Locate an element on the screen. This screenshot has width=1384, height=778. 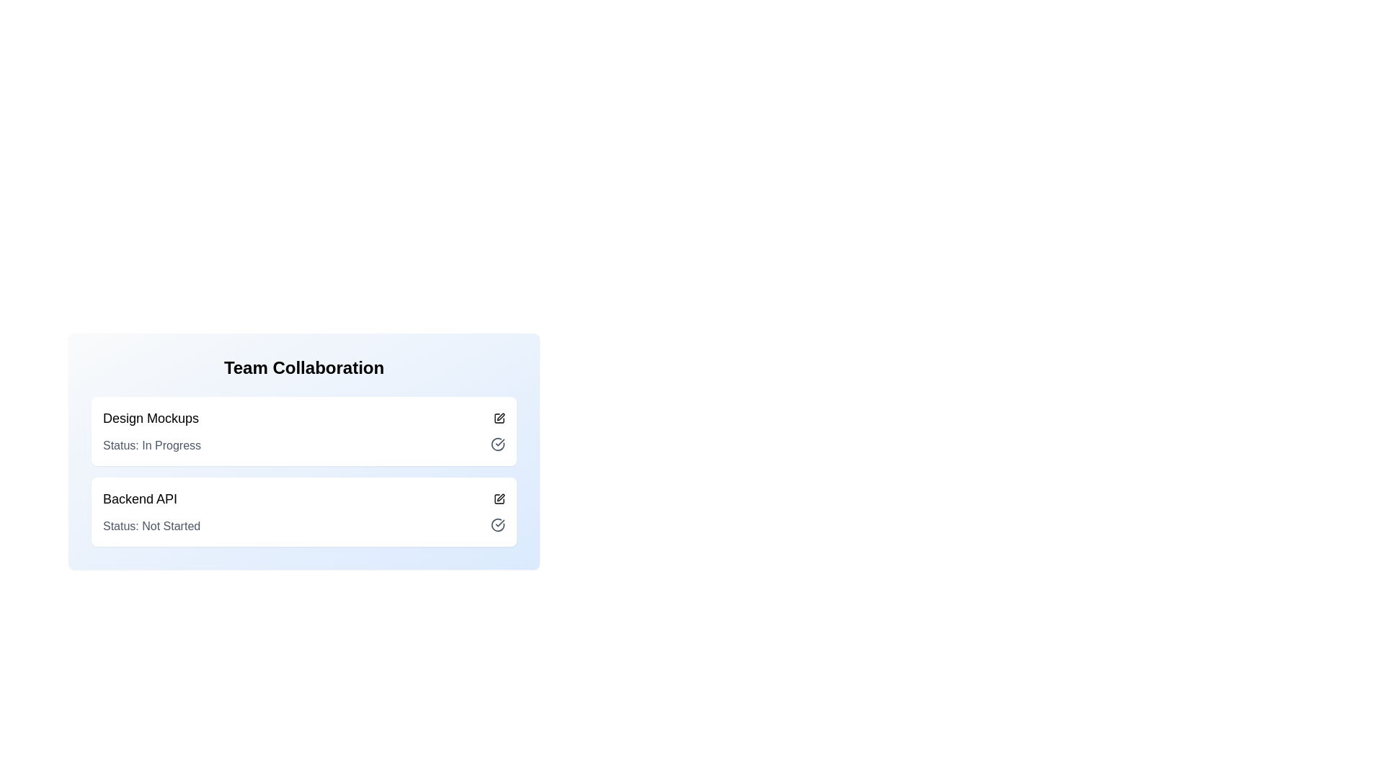
the icon resembling a pen, which is styled as a button and located to the right of the 'Design Mockups' text is located at coordinates (499, 419).